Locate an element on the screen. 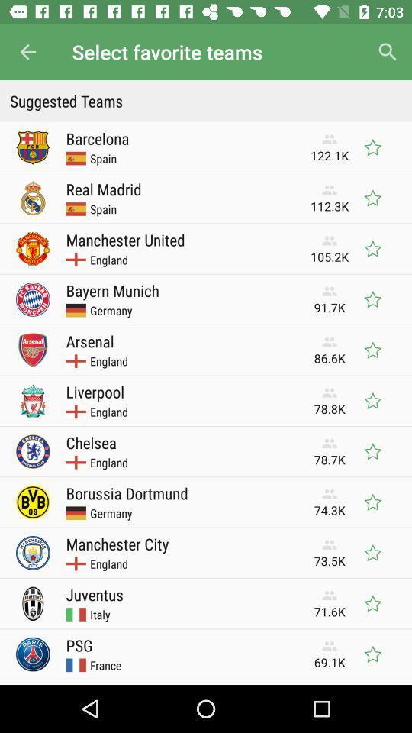  the icon next to 91.7k is located at coordinates (111, 289).